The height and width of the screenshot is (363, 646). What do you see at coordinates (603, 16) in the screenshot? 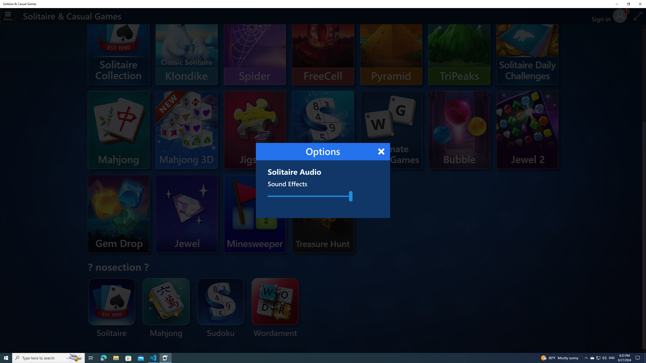
I see `'Sign in'` at bounding box center [603, 16].